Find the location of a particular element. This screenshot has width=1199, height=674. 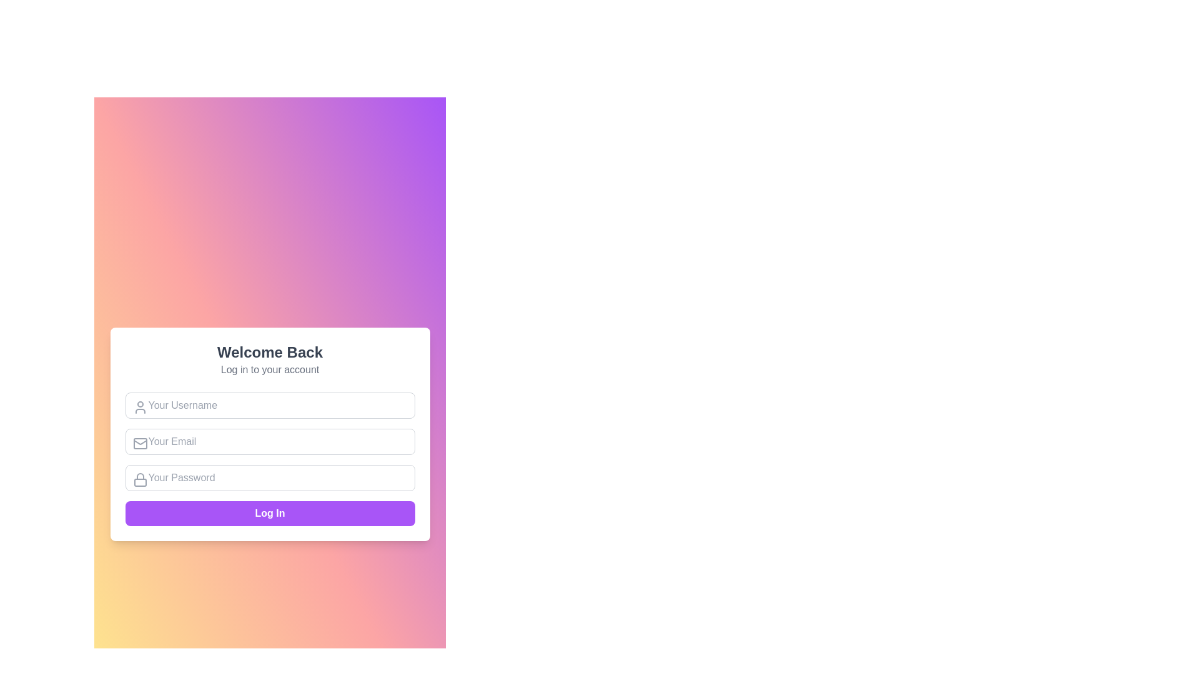

the submit button located at the bottom of the login form card is located at coordinates (269, 513).